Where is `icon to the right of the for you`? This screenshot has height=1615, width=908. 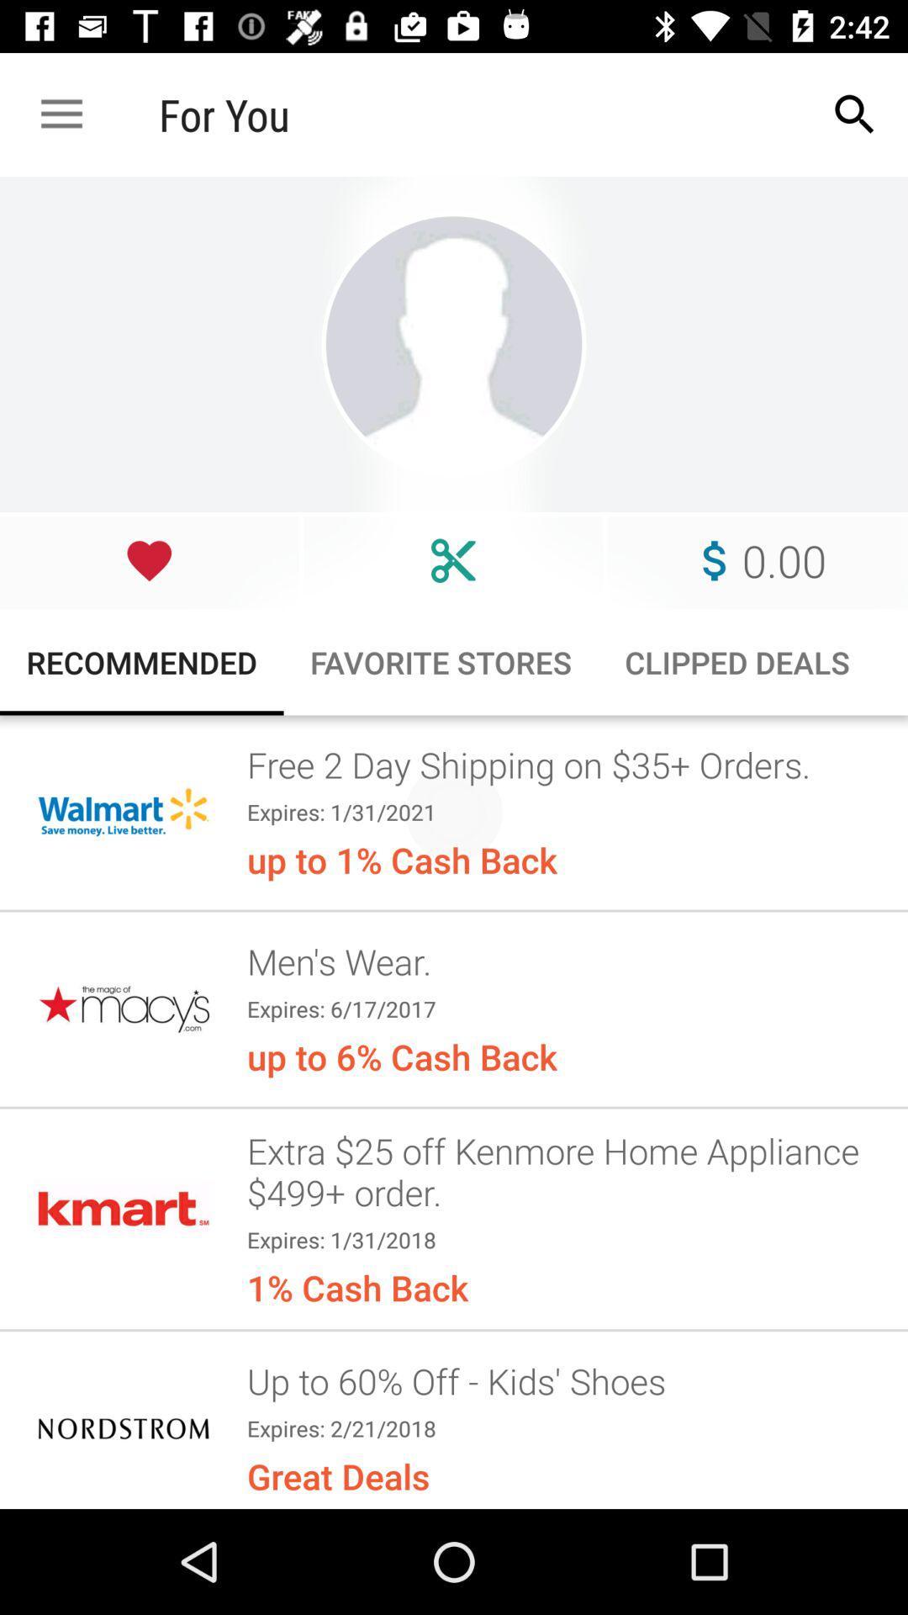 icon to the right of the for you is located at coordinates (855, 114).